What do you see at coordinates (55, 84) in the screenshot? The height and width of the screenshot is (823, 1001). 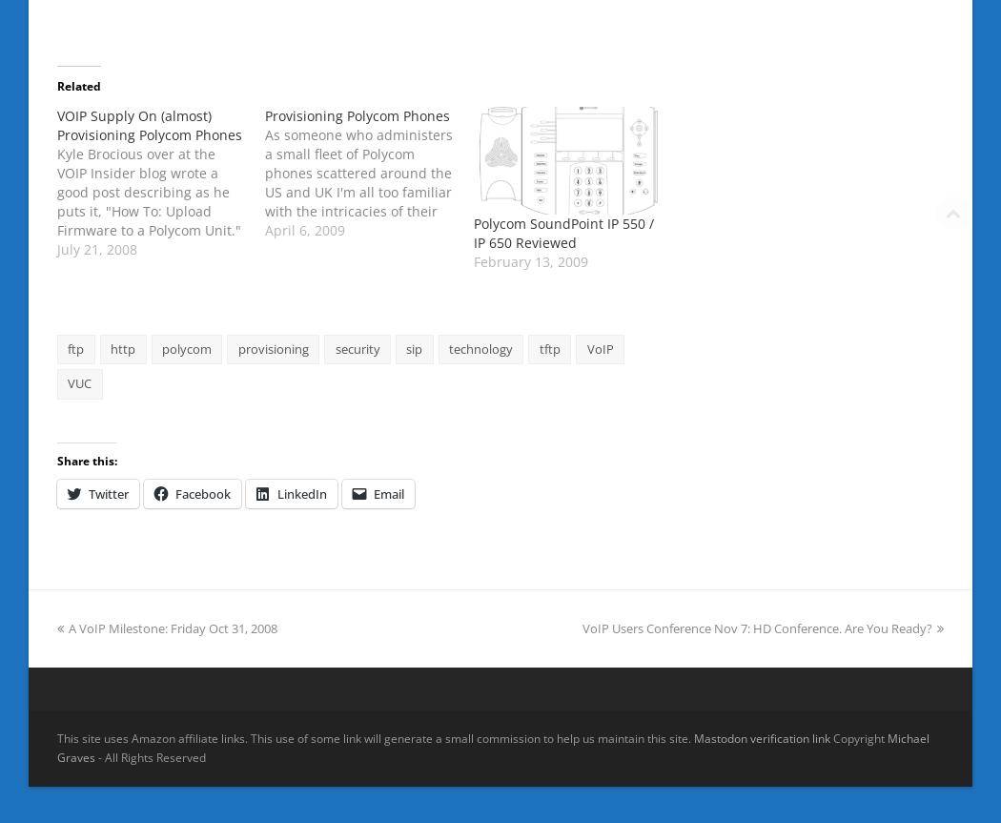 I see `'Related'` at bounding box center [55, 84].